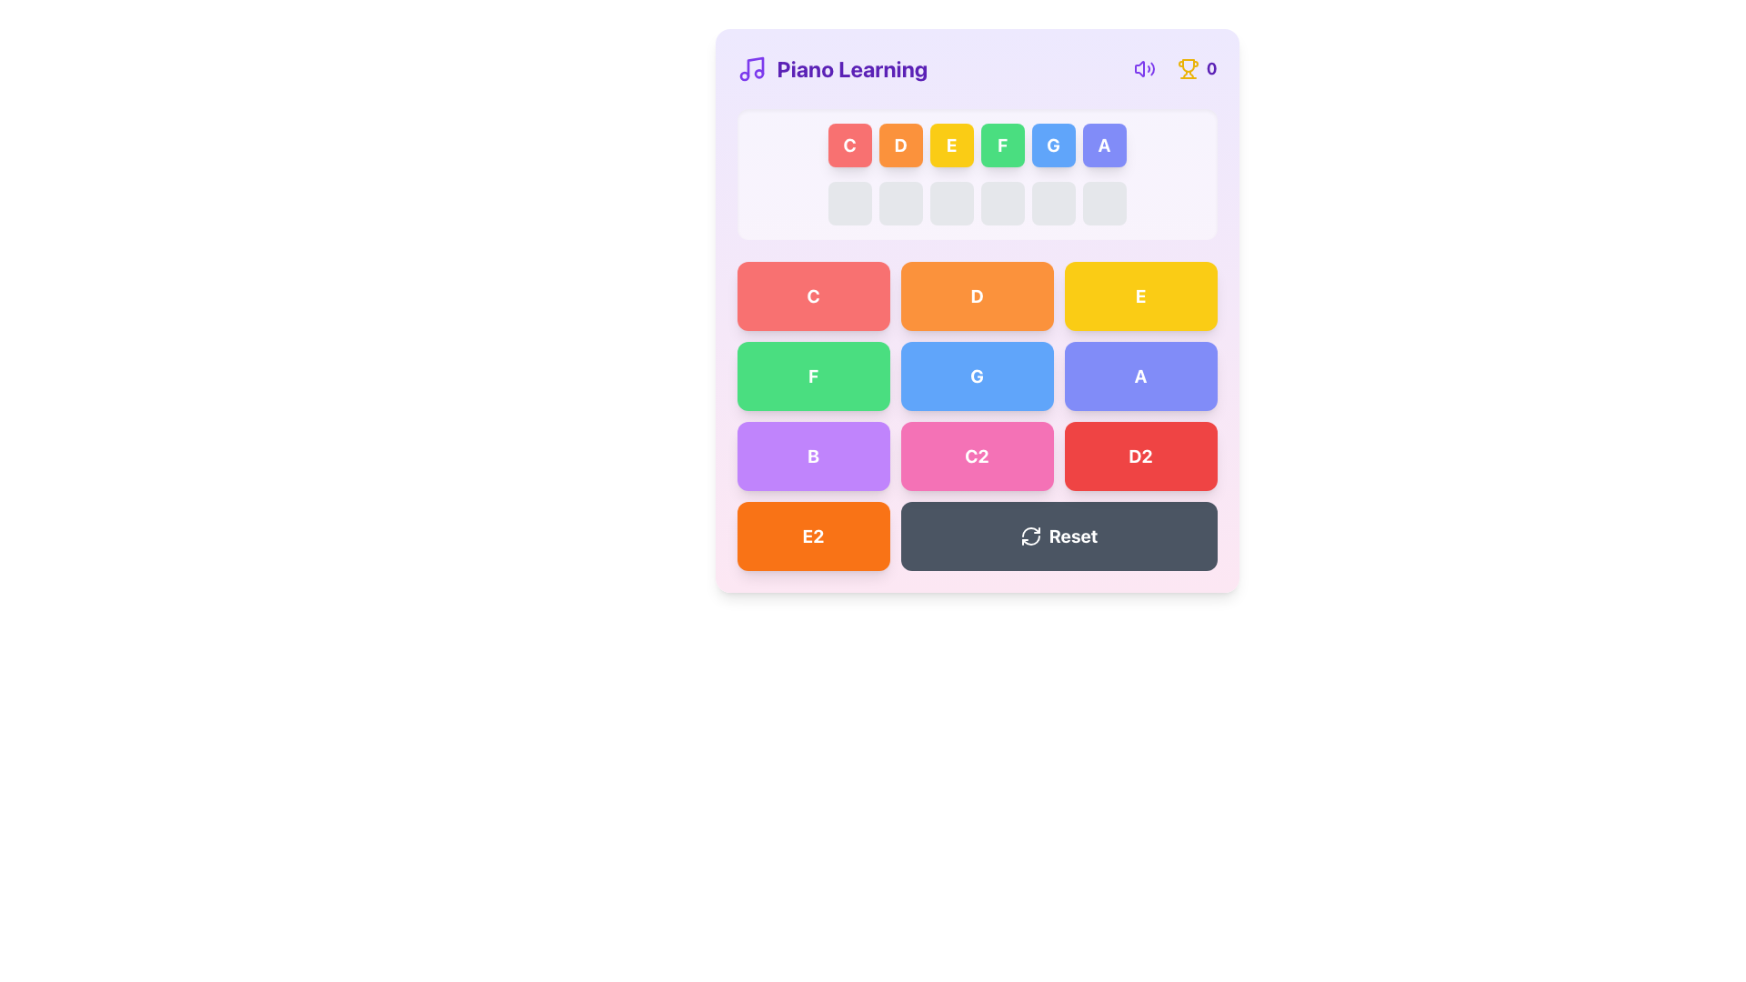 The image size is (1746, 982). What do you see at coordinates (1103, 144) in the screenshot?
I see `the bold white letter 'A' displayed in a large font within the vibrant blue rounded square button, which is the sixth button from the left in the row beneath the heading 'Piano Learning.'` at bounding box center [1103, 144].